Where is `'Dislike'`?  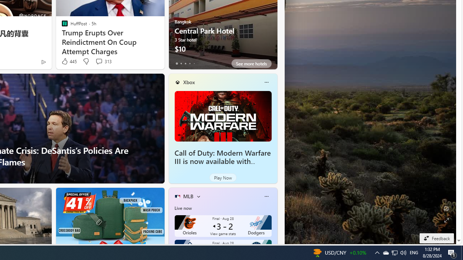 'Dislike' is located at coordinates (86, 61).